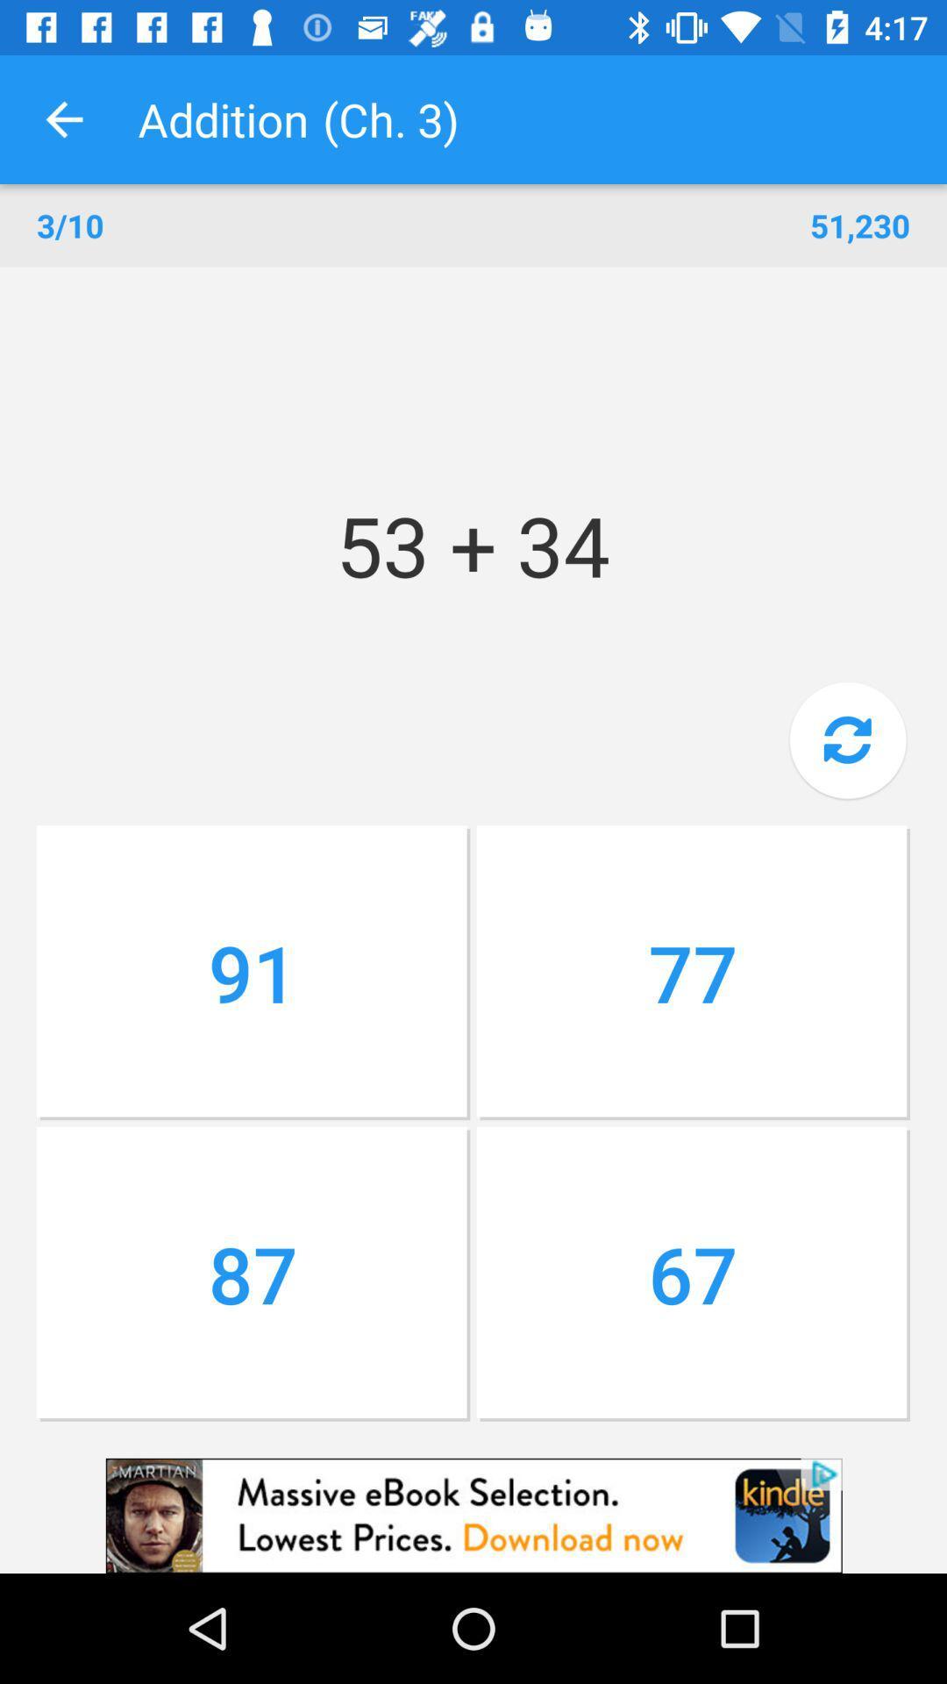 The height and width of the screenshot is (1684, 947). I want to click on advertisement link, so click(473, 1515).